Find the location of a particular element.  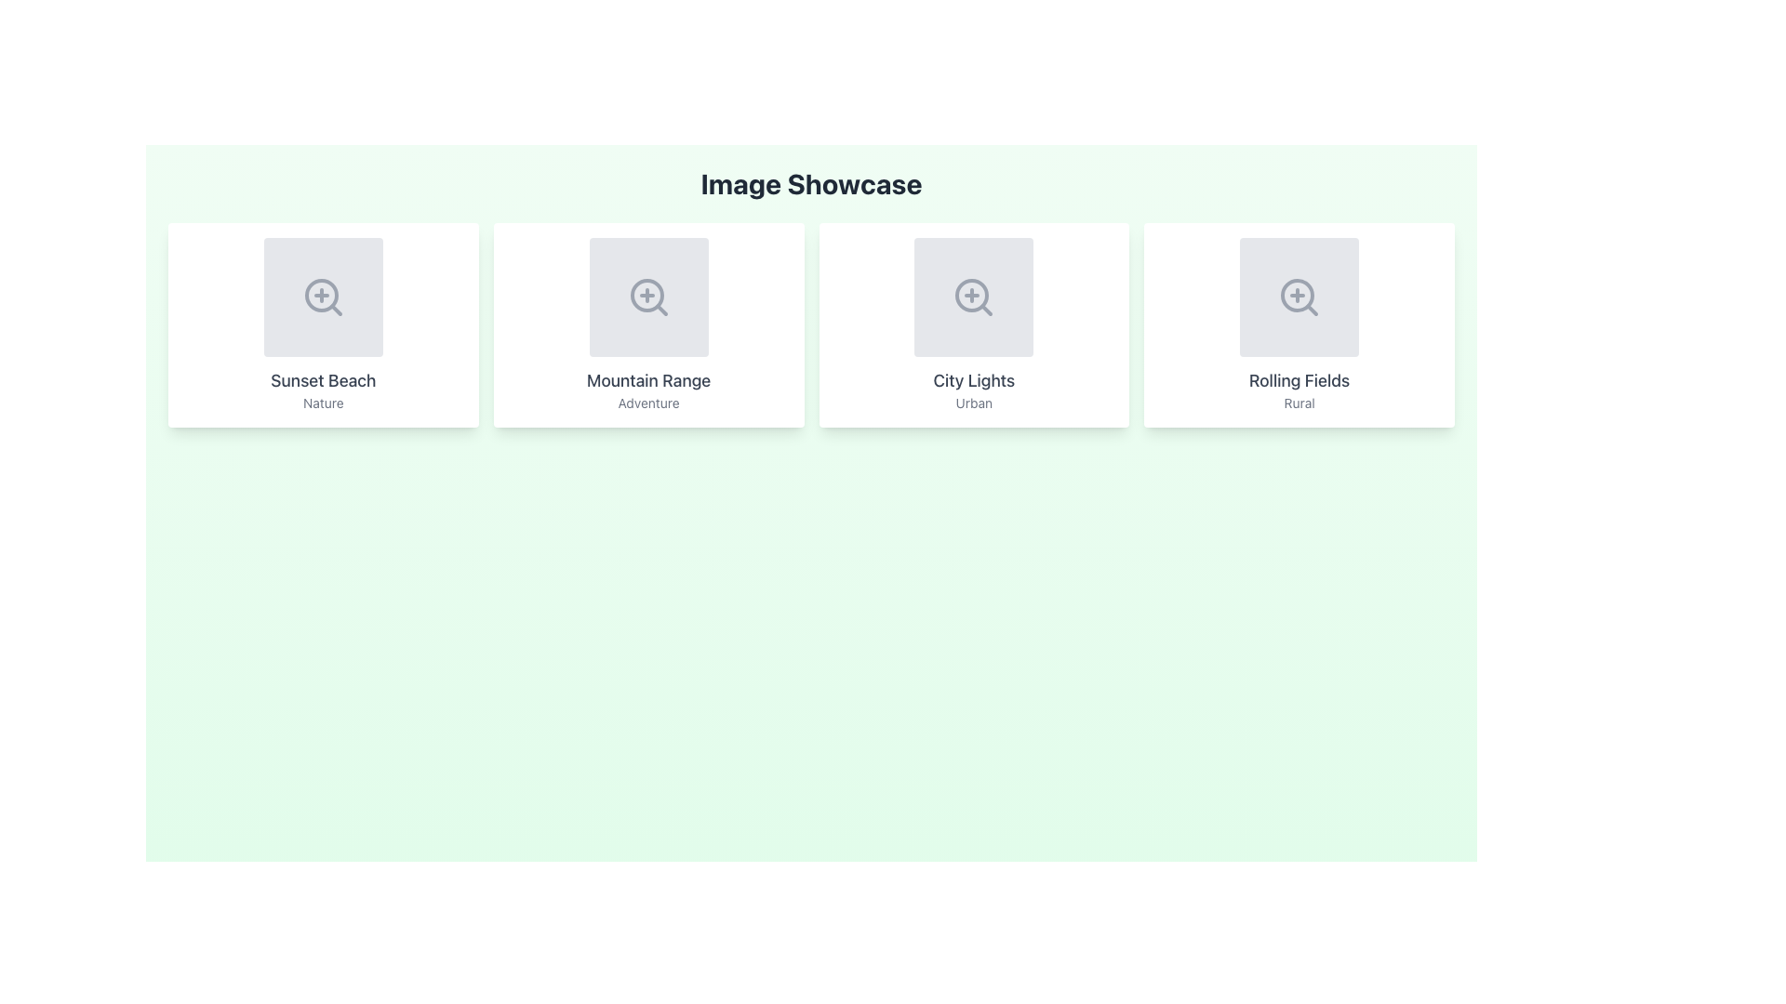

the decorative line element of the zoom-in icon located above the 'City Lights' title in the third card of the 'Image Showcase' is located at coordinates (985, 309).